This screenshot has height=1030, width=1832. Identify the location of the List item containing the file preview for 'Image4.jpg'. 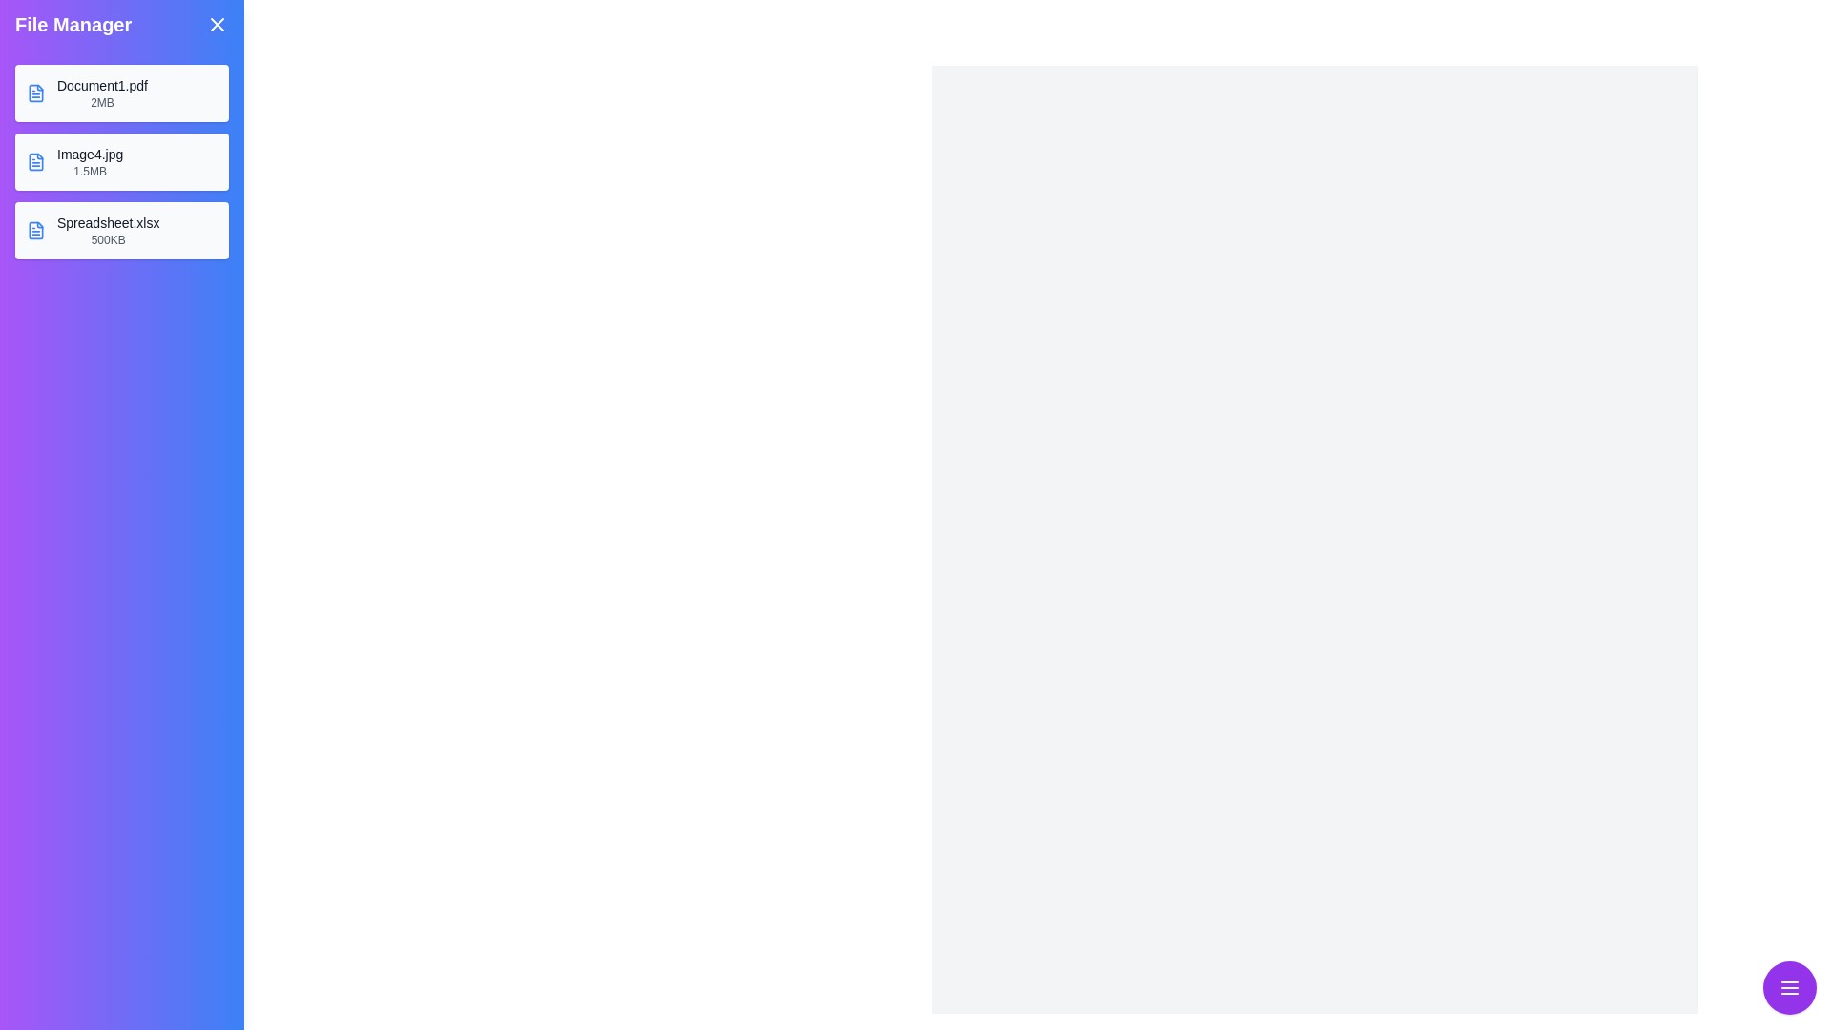
(121, 160).